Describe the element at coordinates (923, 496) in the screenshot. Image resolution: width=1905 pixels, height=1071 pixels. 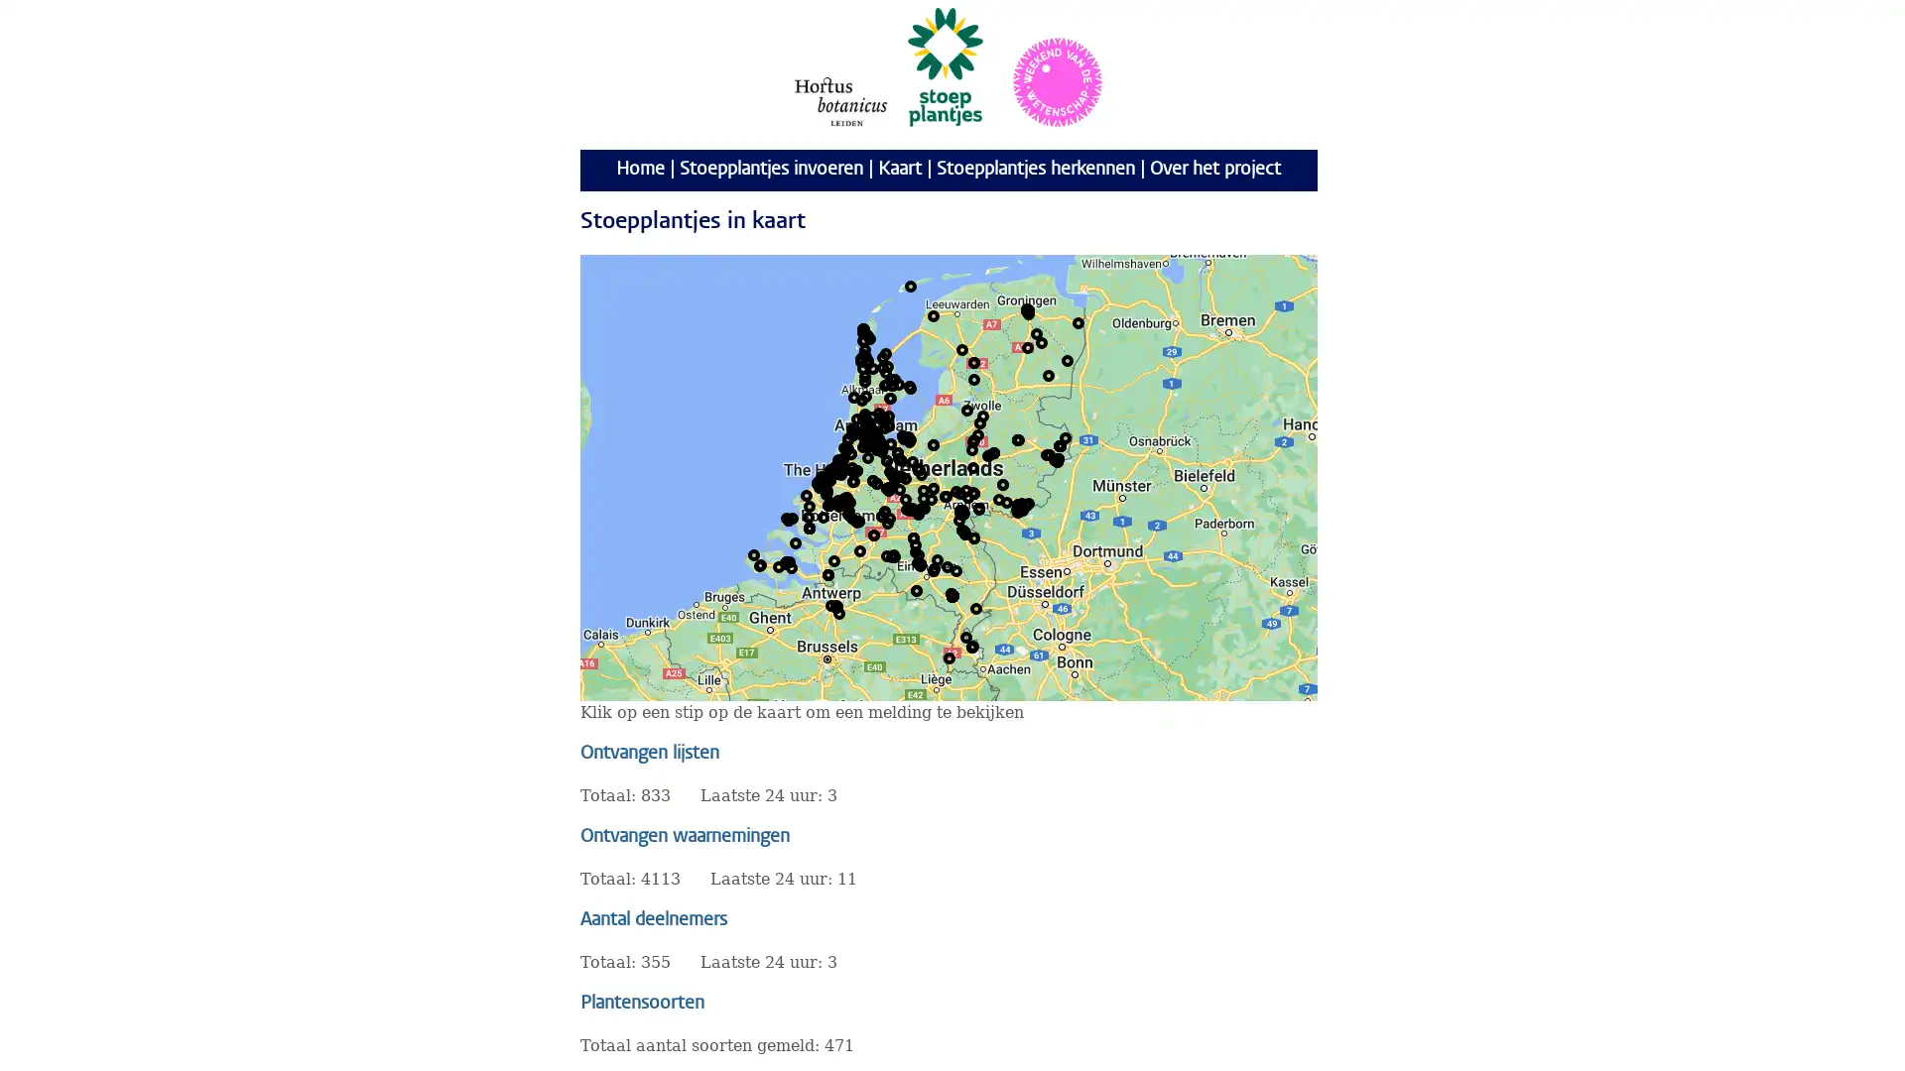
I see `Telling van op 05 december 2021` at that location.